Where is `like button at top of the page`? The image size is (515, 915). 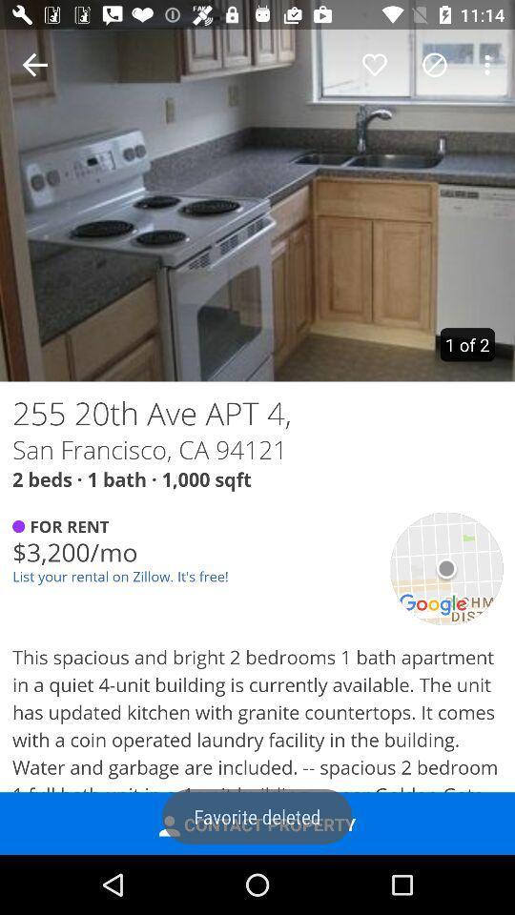 like button at top of the page is located at coordinates (375, 65).